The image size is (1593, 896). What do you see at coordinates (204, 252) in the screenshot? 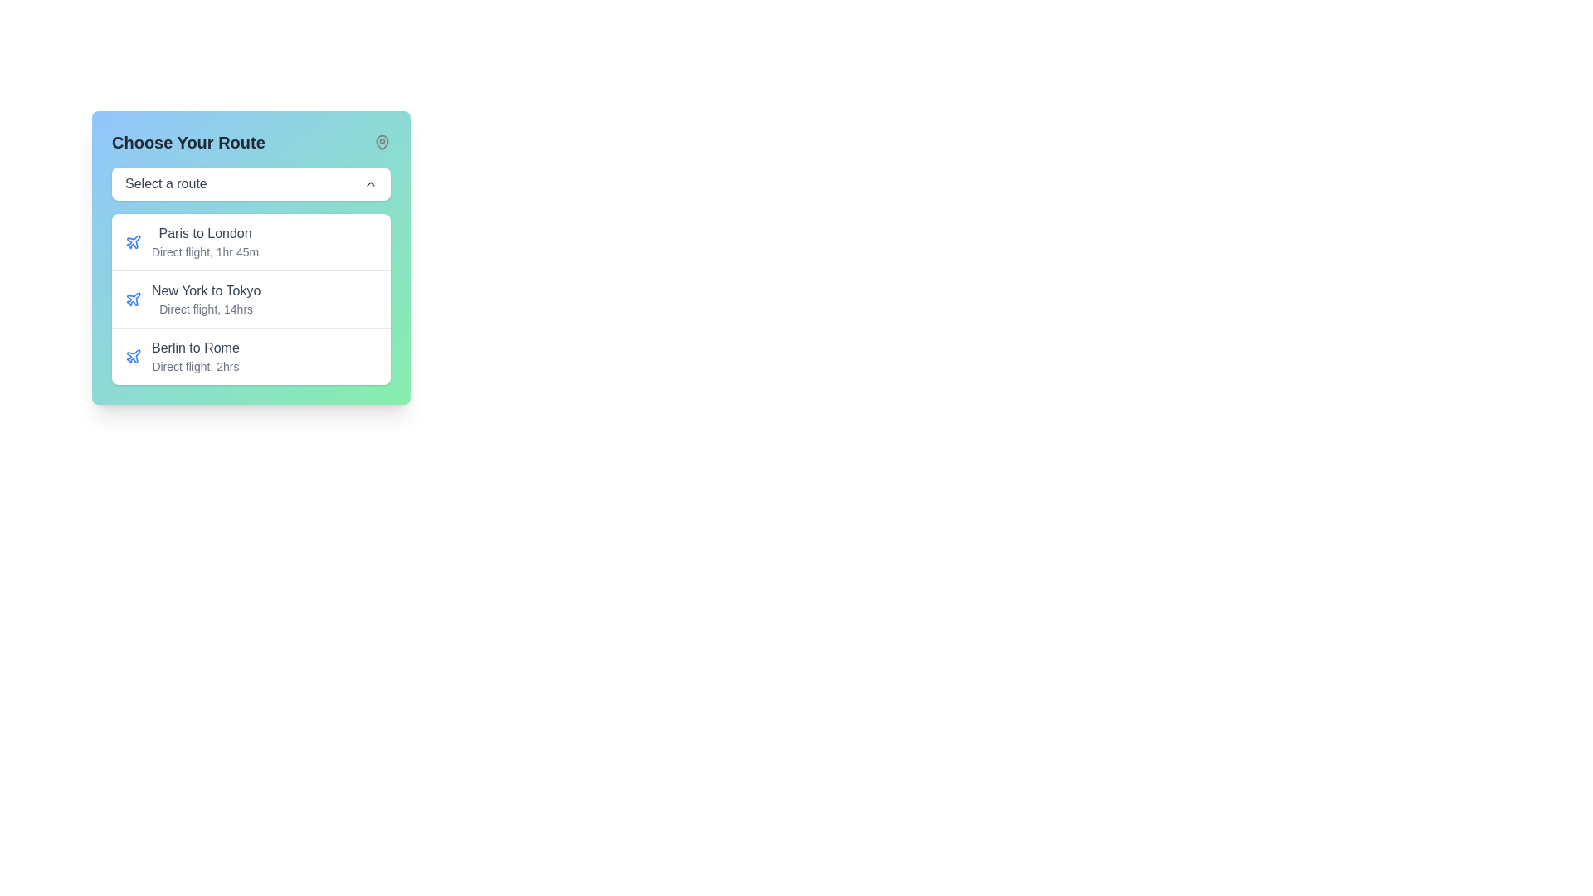
I see `the text that describes the characteristics of the selected flight, located directly below 'Paris to London' in the dropdown menu titled 'Choose Your Route.'` at bounding box center [204, 252].